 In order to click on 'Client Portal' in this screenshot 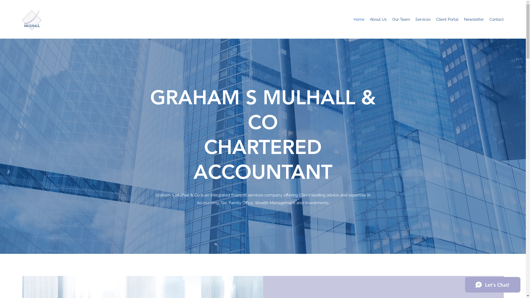, I will do `click(447, 19)`.